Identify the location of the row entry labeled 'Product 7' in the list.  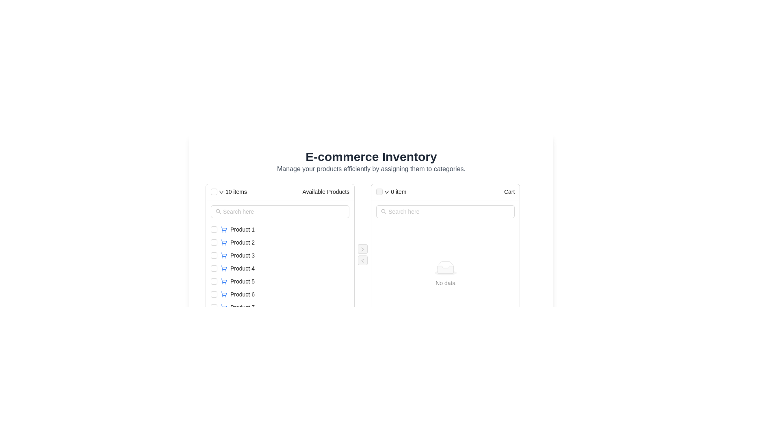
(280, 307).